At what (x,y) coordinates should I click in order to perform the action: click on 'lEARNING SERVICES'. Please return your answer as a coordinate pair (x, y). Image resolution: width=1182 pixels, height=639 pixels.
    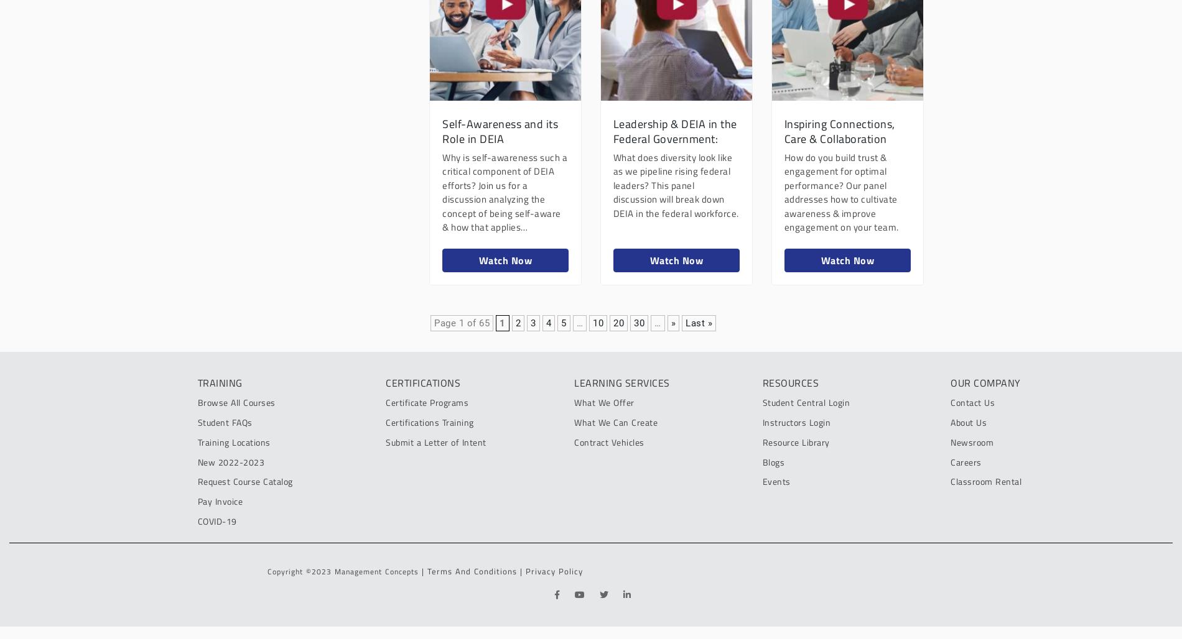
    Looking at the image, I should click on (574, 382).